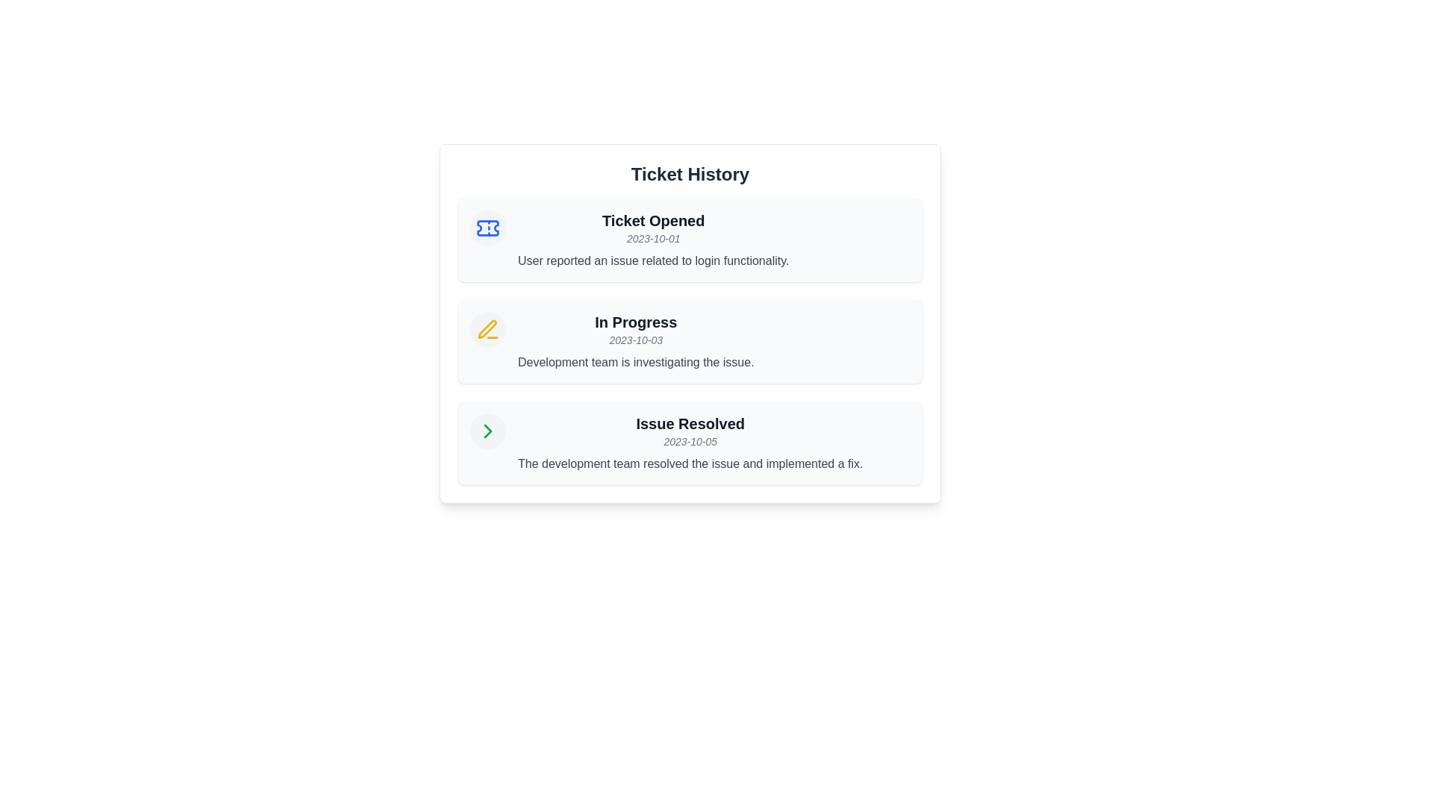 This screenshot has height=806, width=1433. What do you see at coordinates (487, 431) in the screenshot?
I see `the right-facing chevron arrow icon within the 'Issue Resolved' section of the ticket history display, which is rendered in green and indicates an active state` at bounding box center [487, 431].